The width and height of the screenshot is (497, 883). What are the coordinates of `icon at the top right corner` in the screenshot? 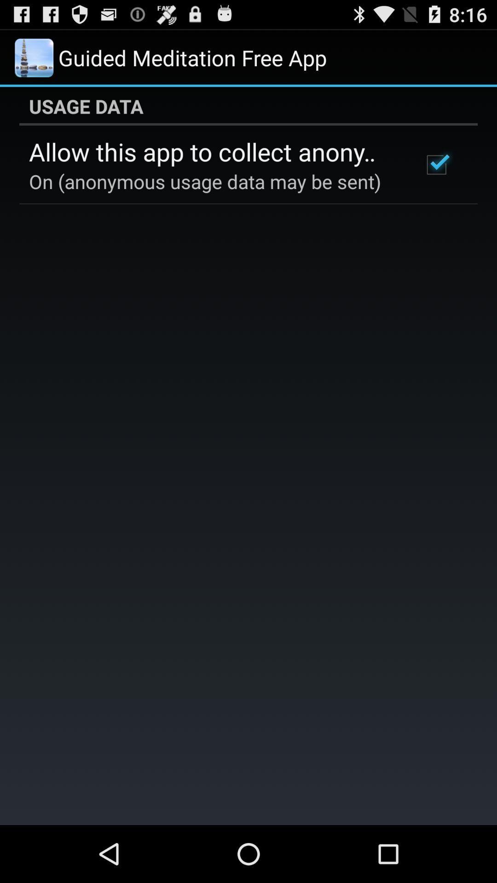 It's located at (436, 165).